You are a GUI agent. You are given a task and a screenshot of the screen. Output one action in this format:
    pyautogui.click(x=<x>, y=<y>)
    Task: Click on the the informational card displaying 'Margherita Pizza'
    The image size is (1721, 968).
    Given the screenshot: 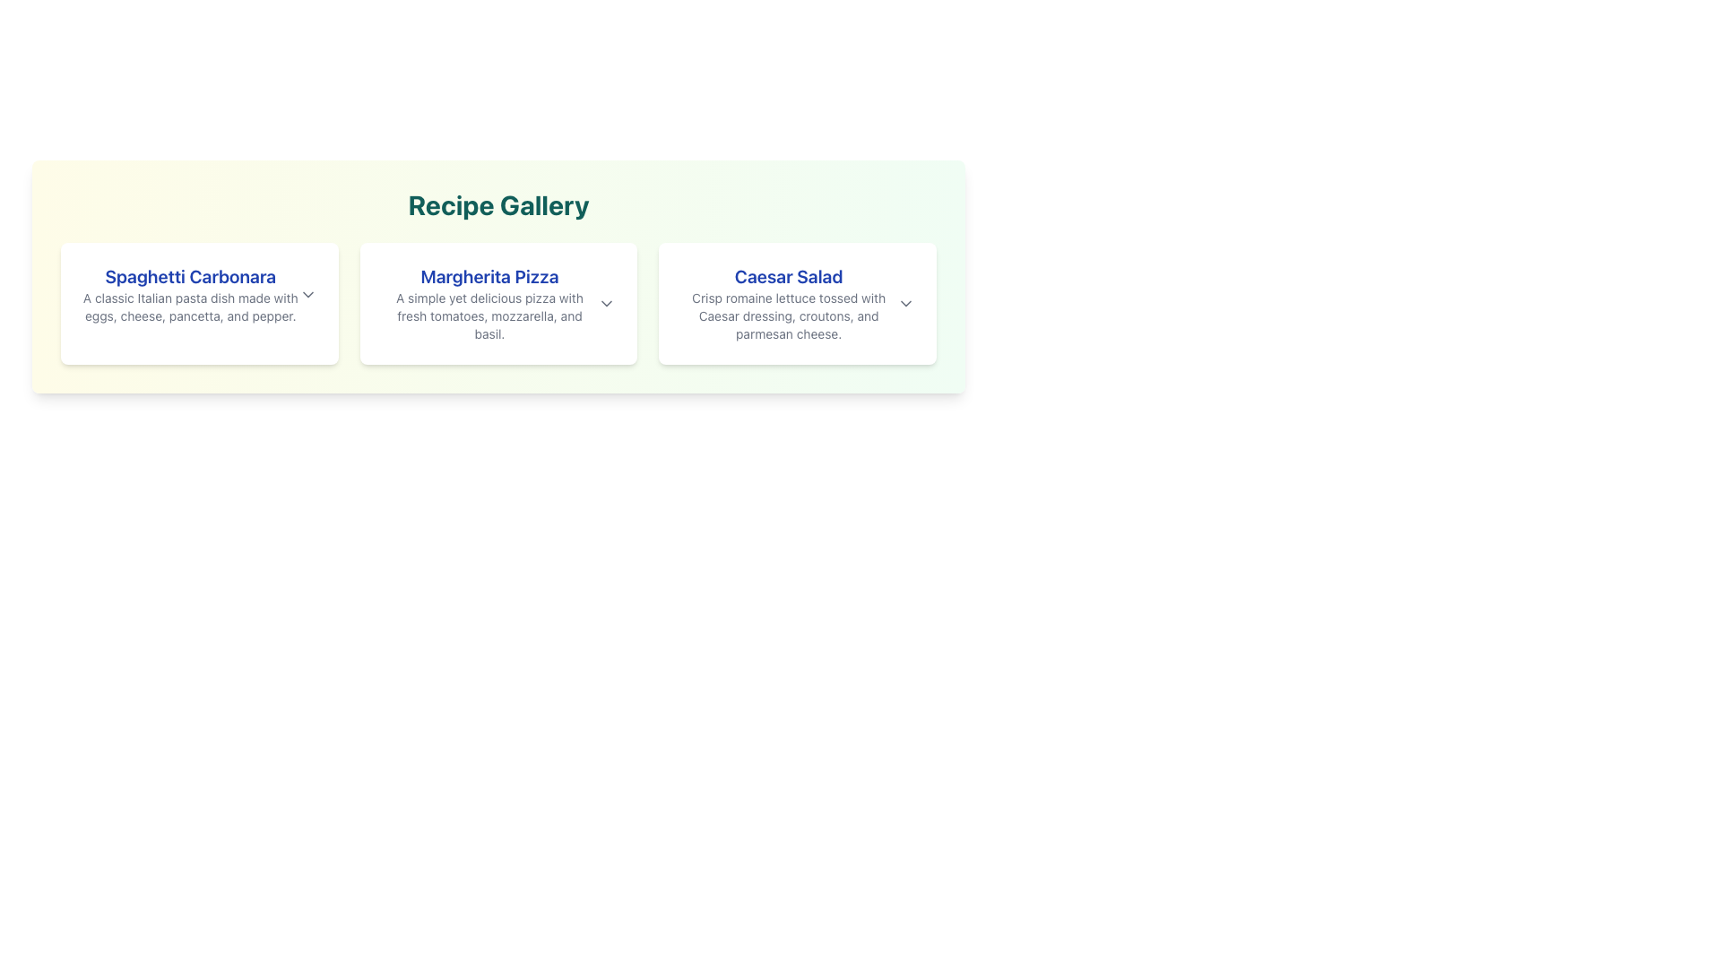 What is the action you would take?
    pyautogui.click(x=498, y=303)
    